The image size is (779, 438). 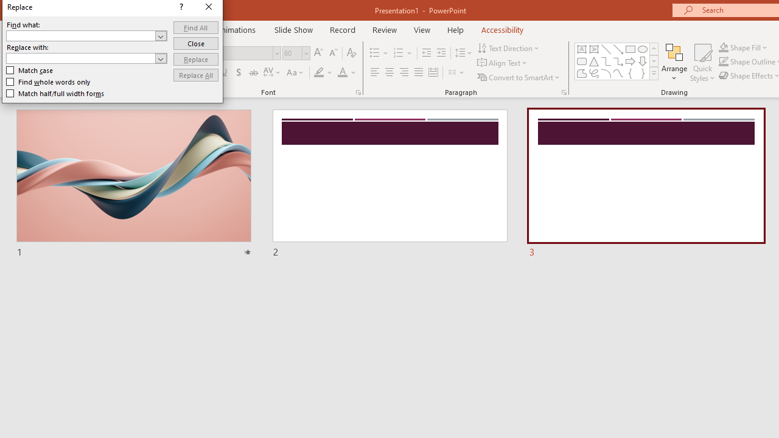 I want to click on 'Increase Indent', so click(x=441, y=52).